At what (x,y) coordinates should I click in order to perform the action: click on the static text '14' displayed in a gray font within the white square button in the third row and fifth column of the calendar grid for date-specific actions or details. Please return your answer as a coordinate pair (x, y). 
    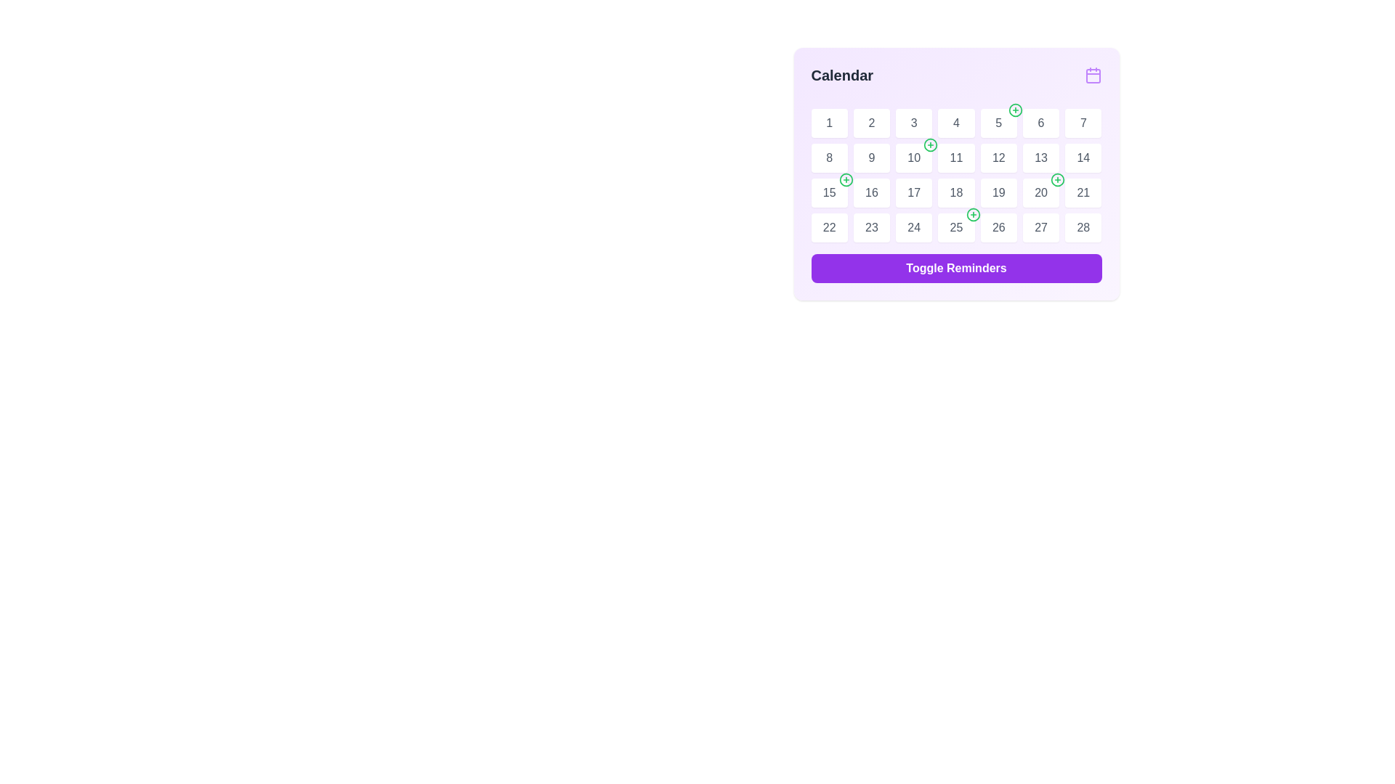
    Looking at the image, I should click on (1083, 157).